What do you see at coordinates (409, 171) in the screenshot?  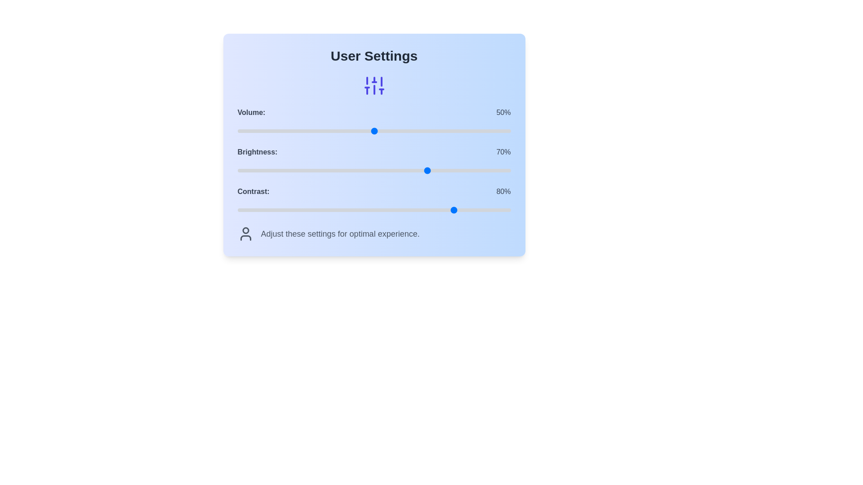 I see `brightness` at bounding box center [409, 171].